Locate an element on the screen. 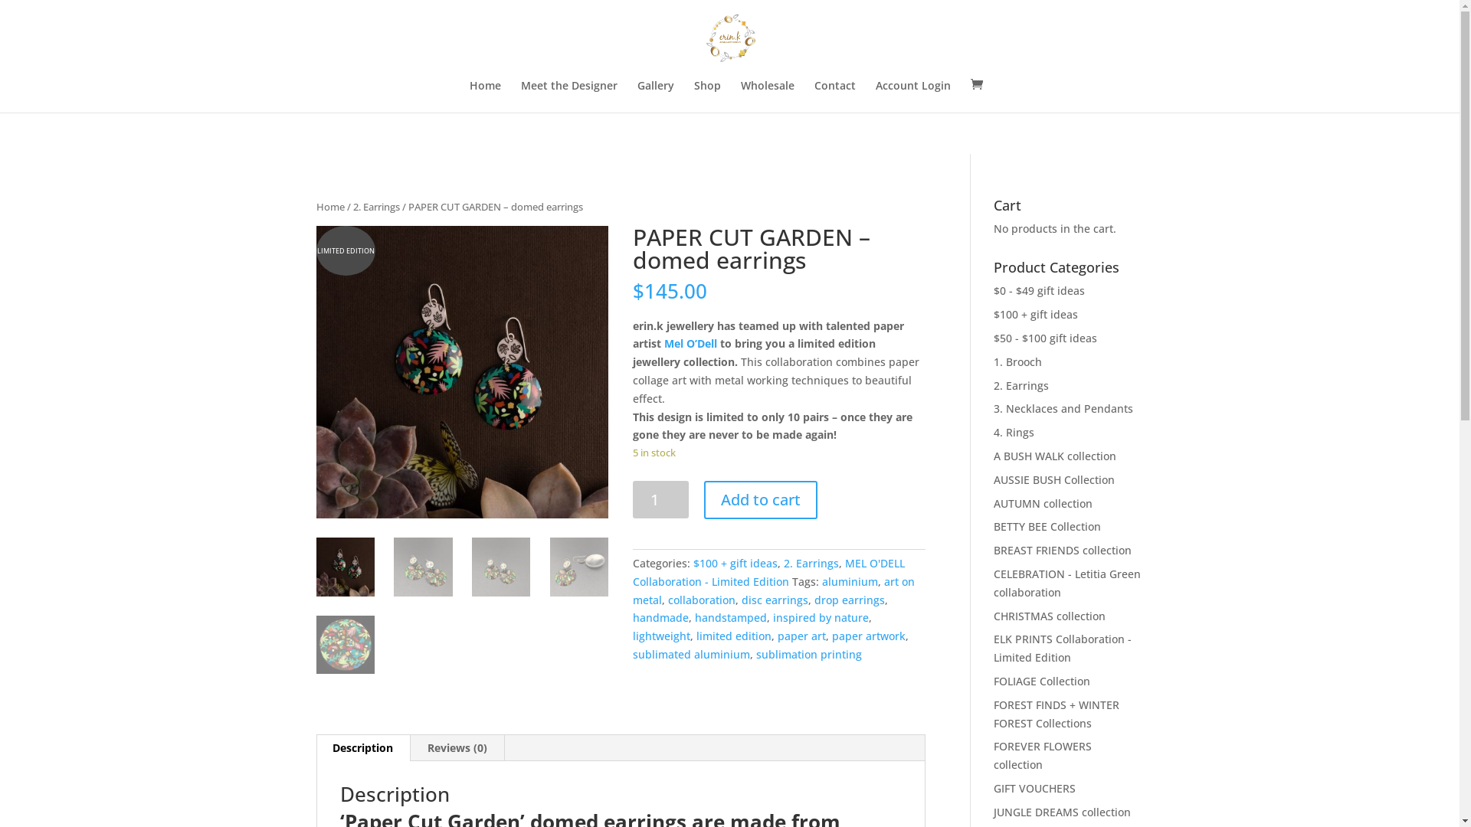 The width and height of the screenshot is (1471, 827). 'limited edition' is located at coordinates (695, 636).